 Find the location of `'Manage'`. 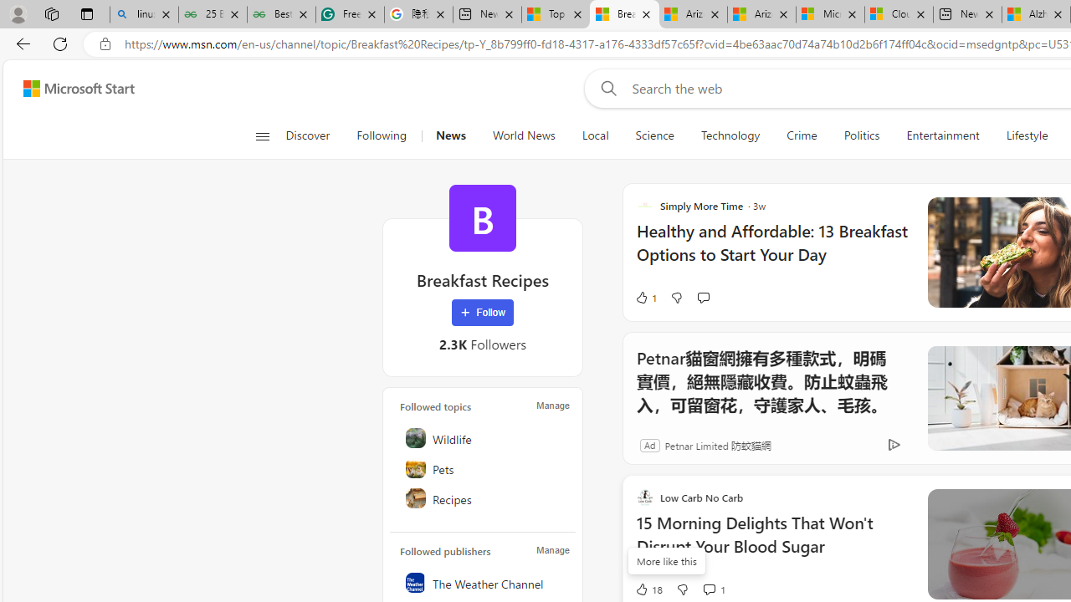

'Manage' is located at coordinates (553, 550).